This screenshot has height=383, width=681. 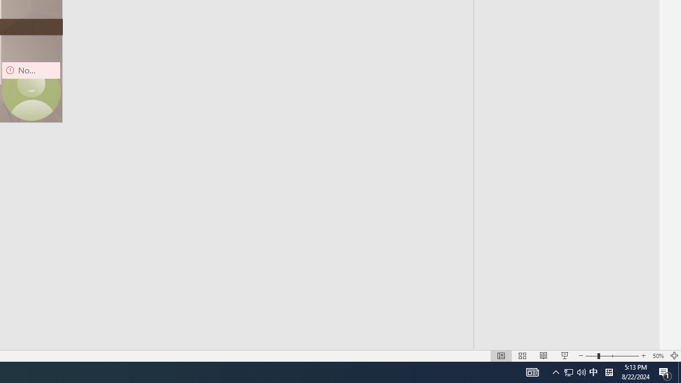 What do you see at coordinates (31, 90) in the screenshot?
I see `'Camera 9, No camera detected.'` at bounding box center [31, 90].